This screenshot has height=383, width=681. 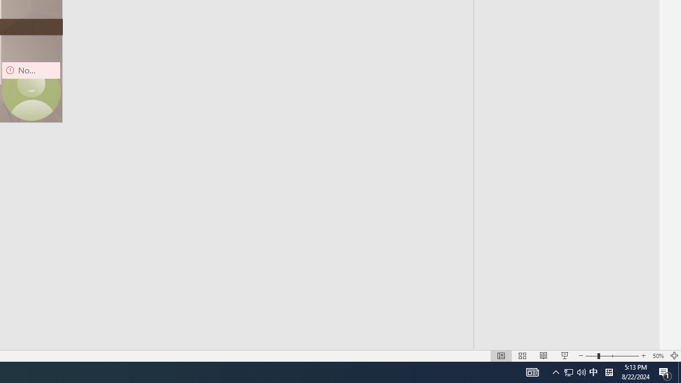 What do you see at coordinates (31, 90) in the screenshot?
I see `'Camera 9, No camera detected.'` at bounding box center [31, 90].